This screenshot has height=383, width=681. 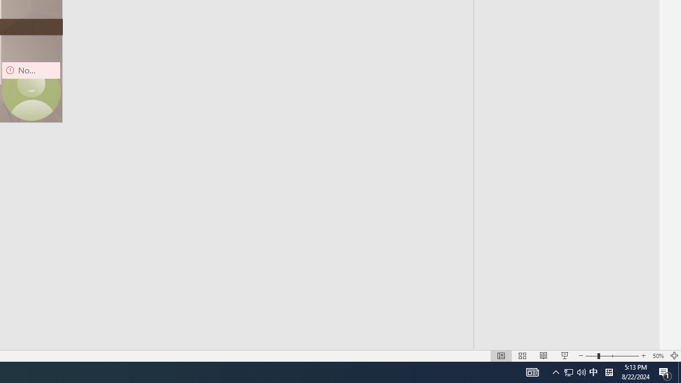 What do you see at coordinates (31, 90) in the screenshot?
I see `'Camera 9, No camera detected.'` at bounding box center [31, 90].